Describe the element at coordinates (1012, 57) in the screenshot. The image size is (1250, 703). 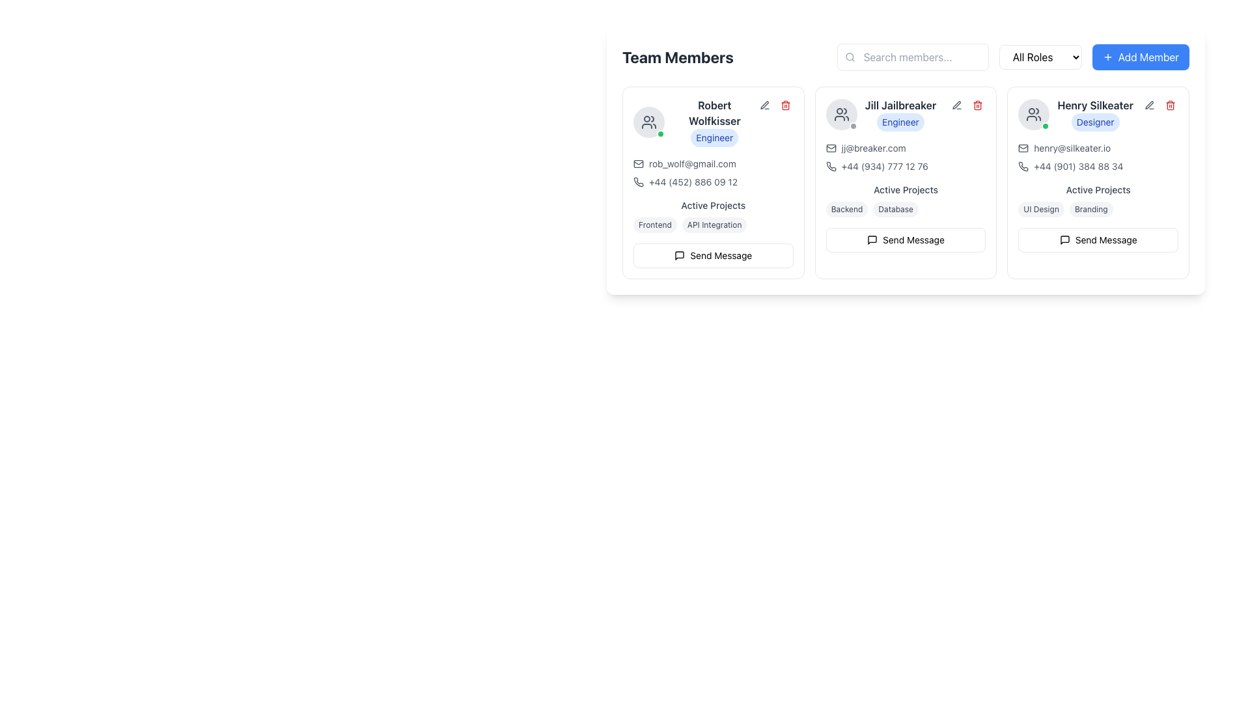
I see `the dropdown menu used for filtering or categorizing team members, located to the right of the 'Search members...' input box` at that location.